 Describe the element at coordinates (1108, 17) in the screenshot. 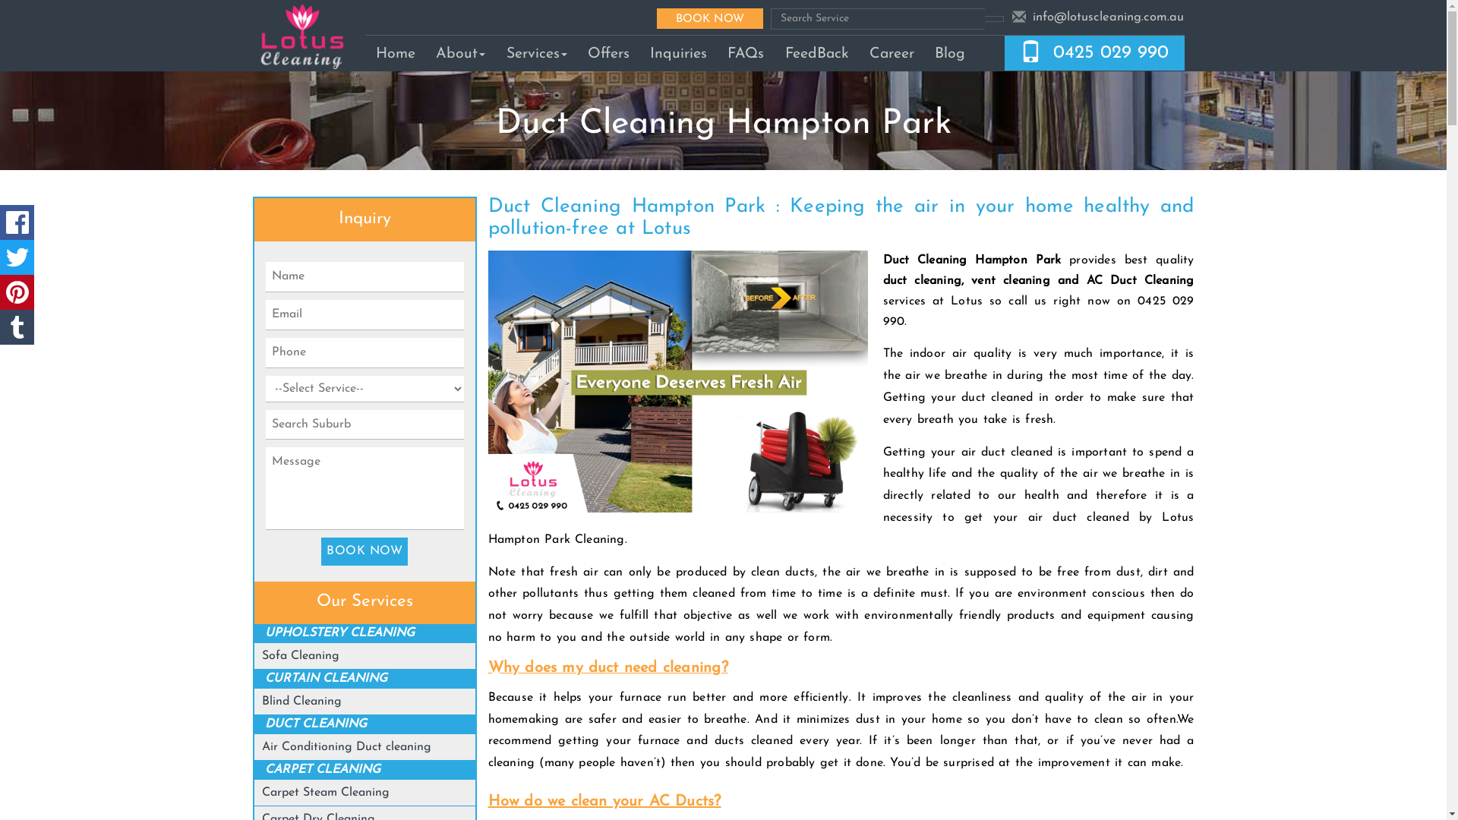

I see `'info@lotuscleaning.com.au'` at that location.